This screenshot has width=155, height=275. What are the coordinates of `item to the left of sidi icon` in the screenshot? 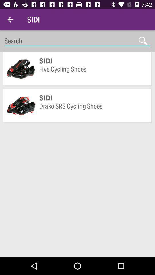 It's located at (10, 19).